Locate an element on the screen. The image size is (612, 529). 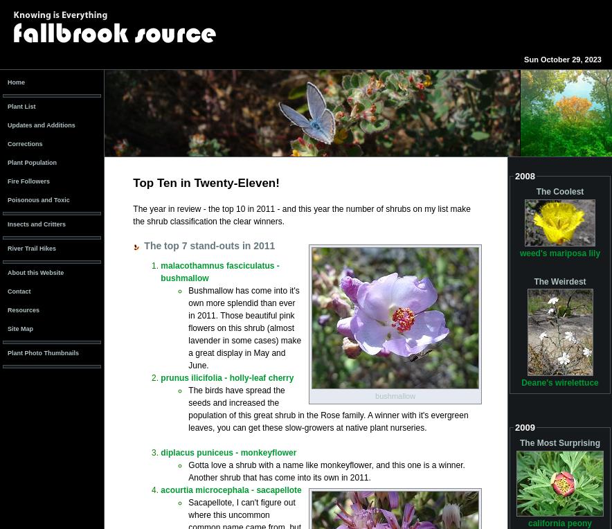
'Plant Photo Thumbnails' is located at coordinates (42, 352).